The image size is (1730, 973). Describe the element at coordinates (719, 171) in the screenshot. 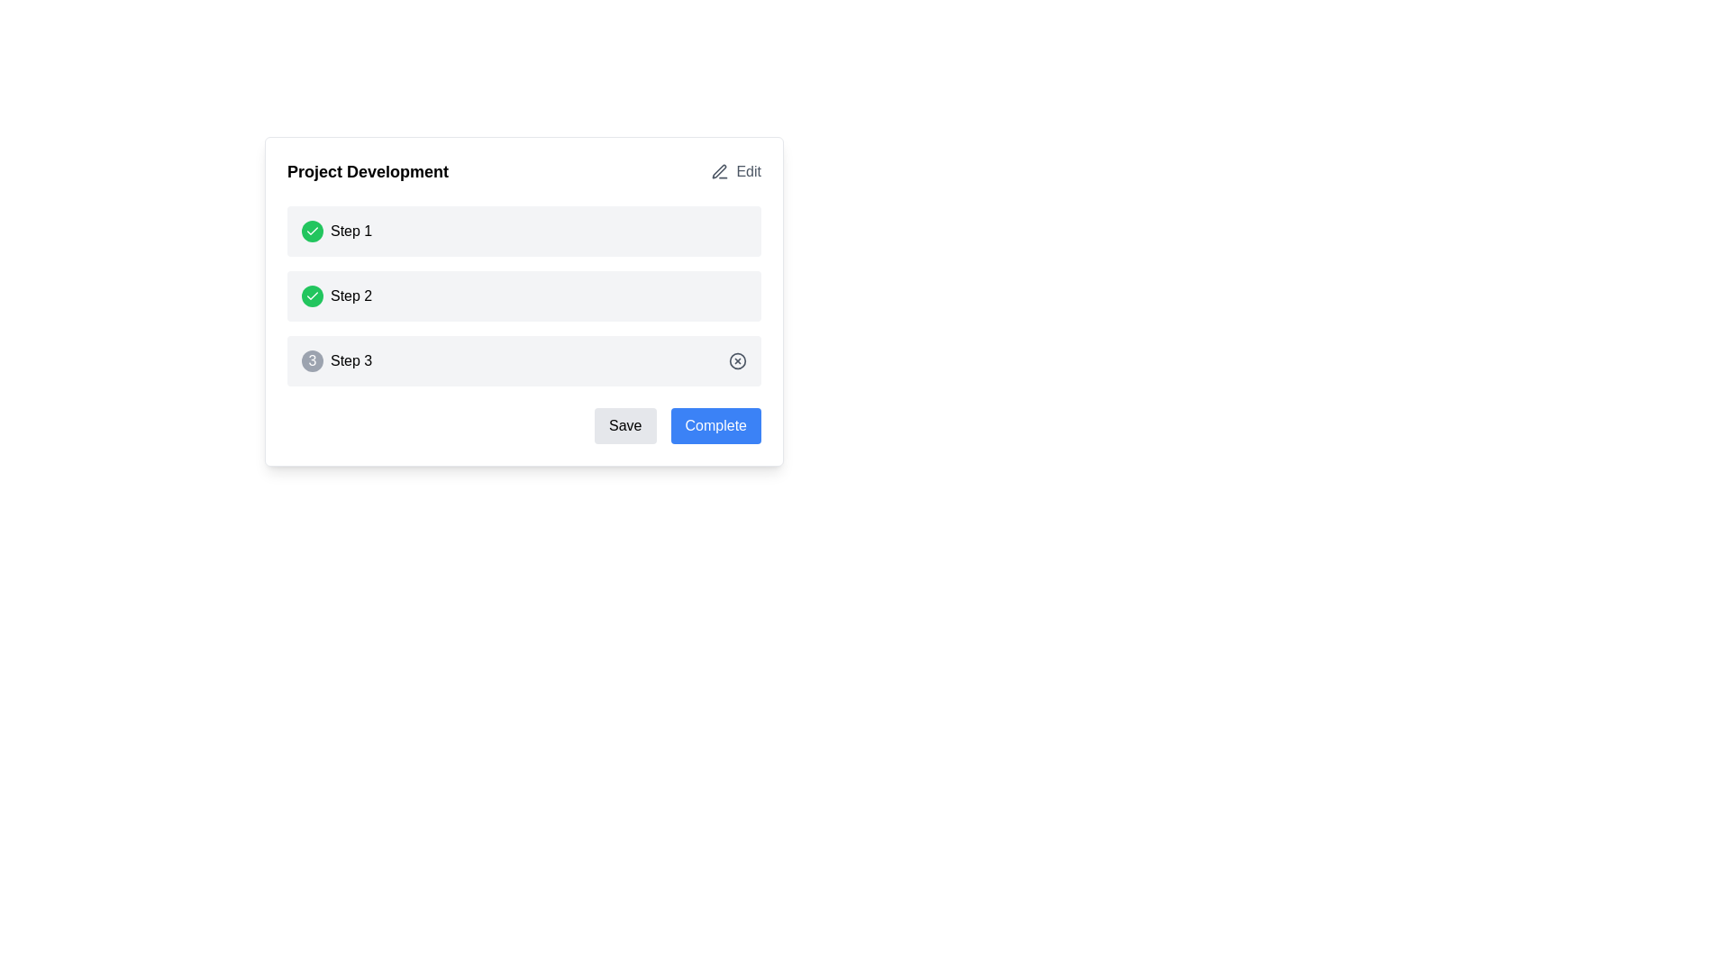

I see `the icon resembling a pen or edit tool located in the top right area of the 'Project Development' card, alongside the 'Edit' label` at that location.